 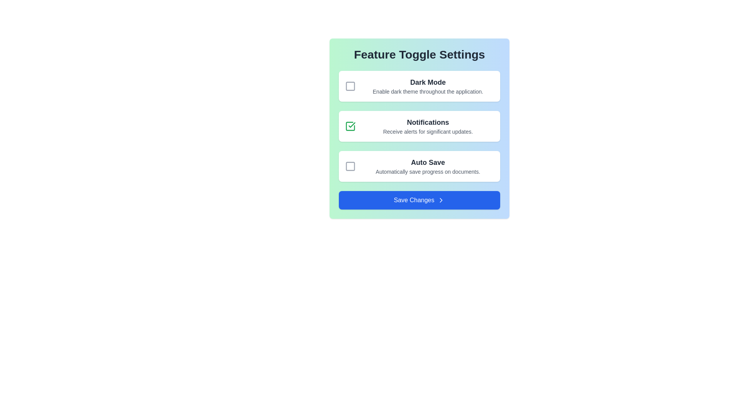 What do you see at coordinates (350, 86) in the screenshot?
I see `the small rounded square icon next to the 'Dark Mode' label to interact with the toggle` at bounding box center [350, 86].